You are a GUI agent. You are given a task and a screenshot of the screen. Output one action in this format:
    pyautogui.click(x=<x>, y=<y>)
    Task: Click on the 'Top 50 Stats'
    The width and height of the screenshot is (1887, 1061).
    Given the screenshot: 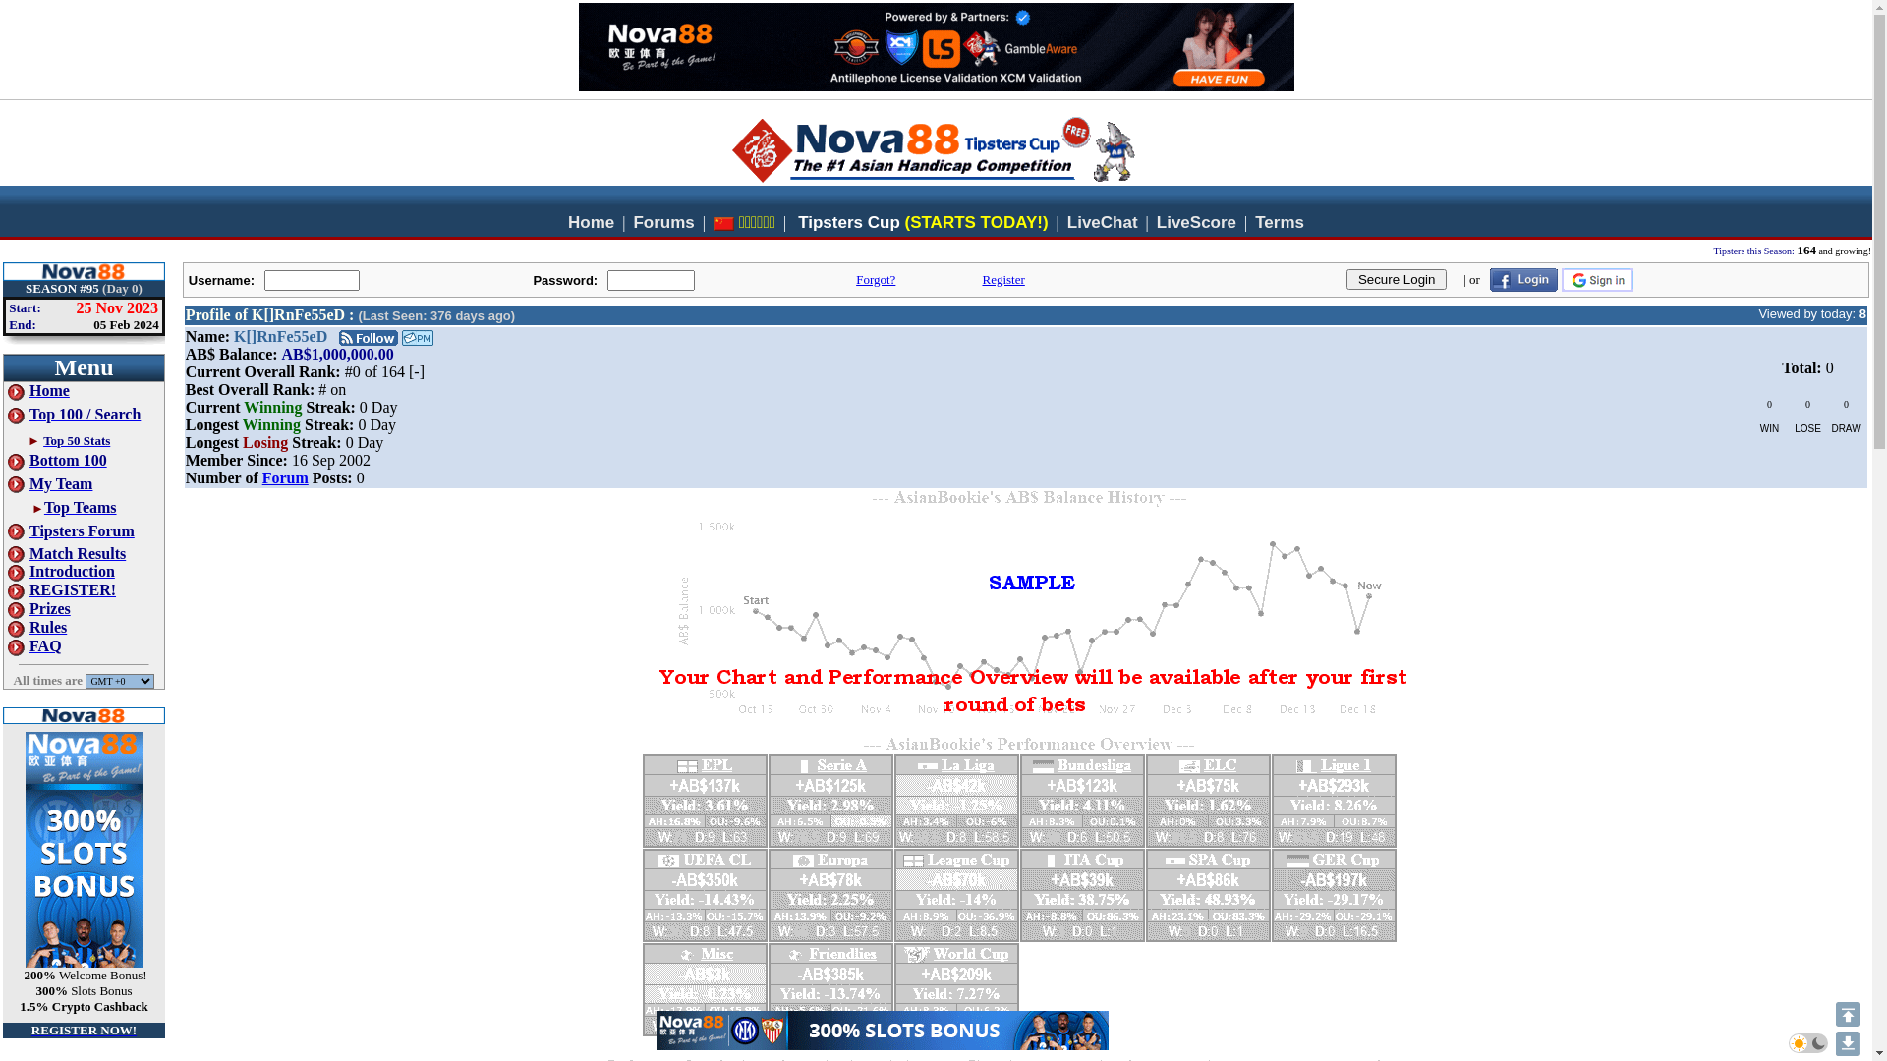 What is the action you would take?
    pyautogui.click(x=76, y=439)
    